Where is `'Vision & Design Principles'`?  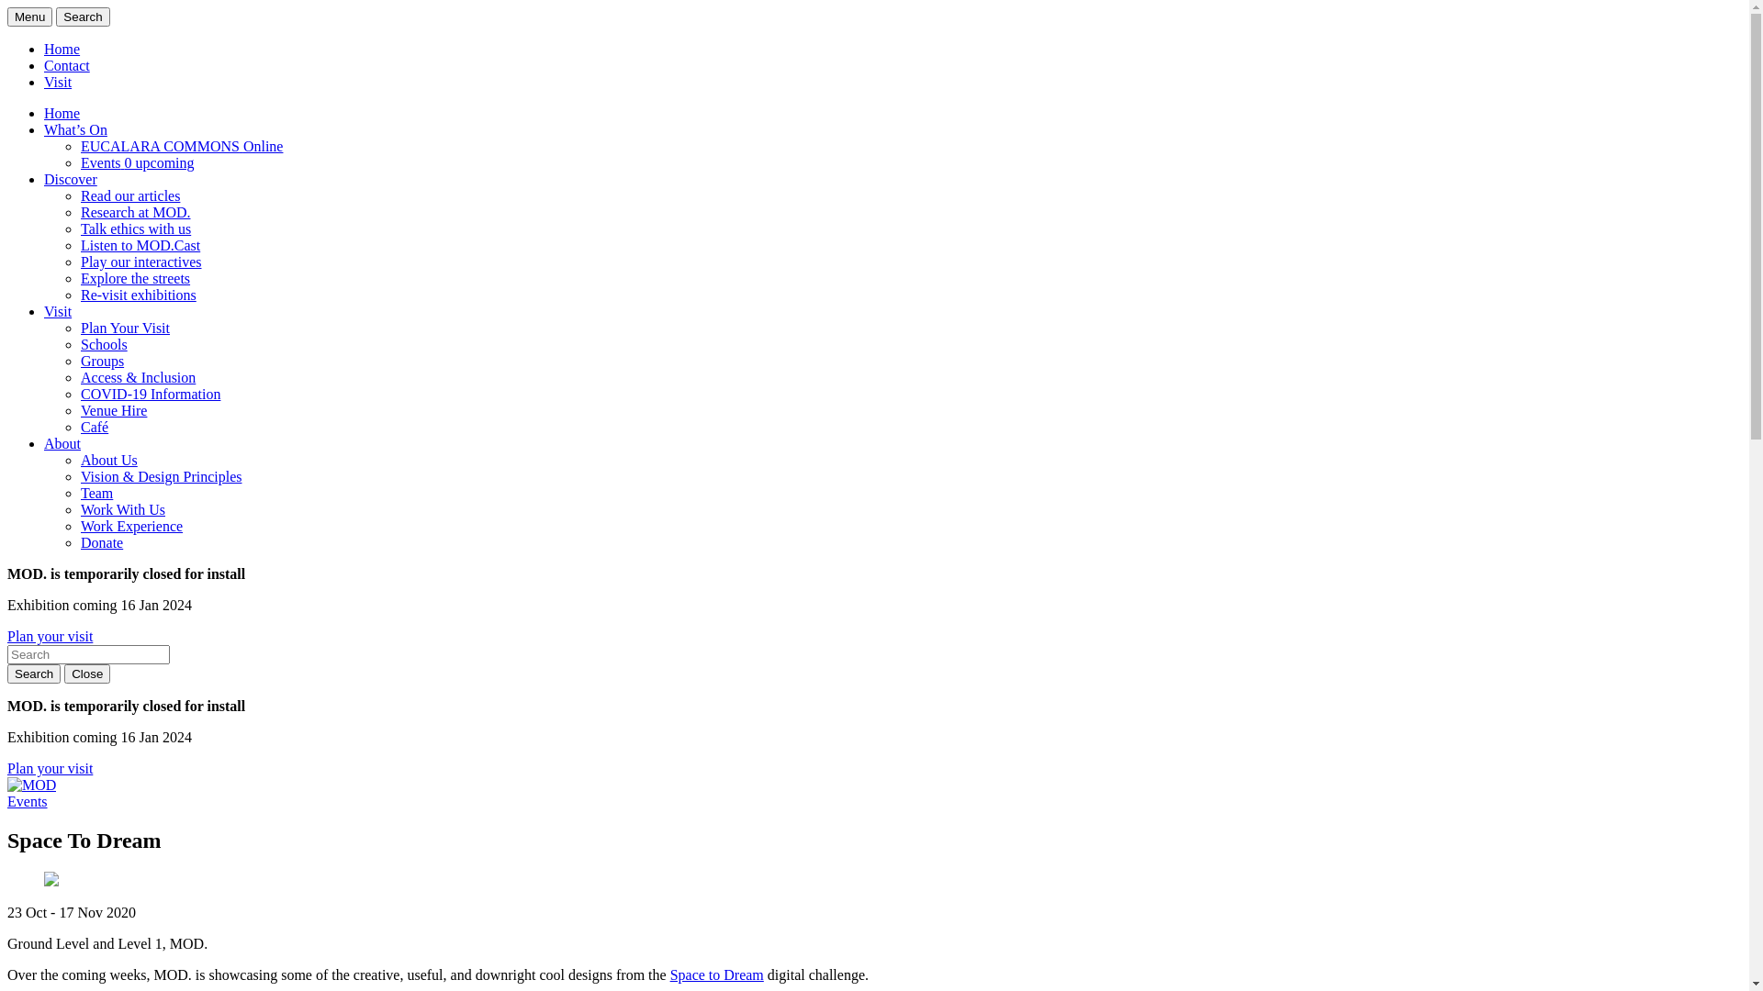 'Vision & Design Principles' is located at coordinates (79, 475).